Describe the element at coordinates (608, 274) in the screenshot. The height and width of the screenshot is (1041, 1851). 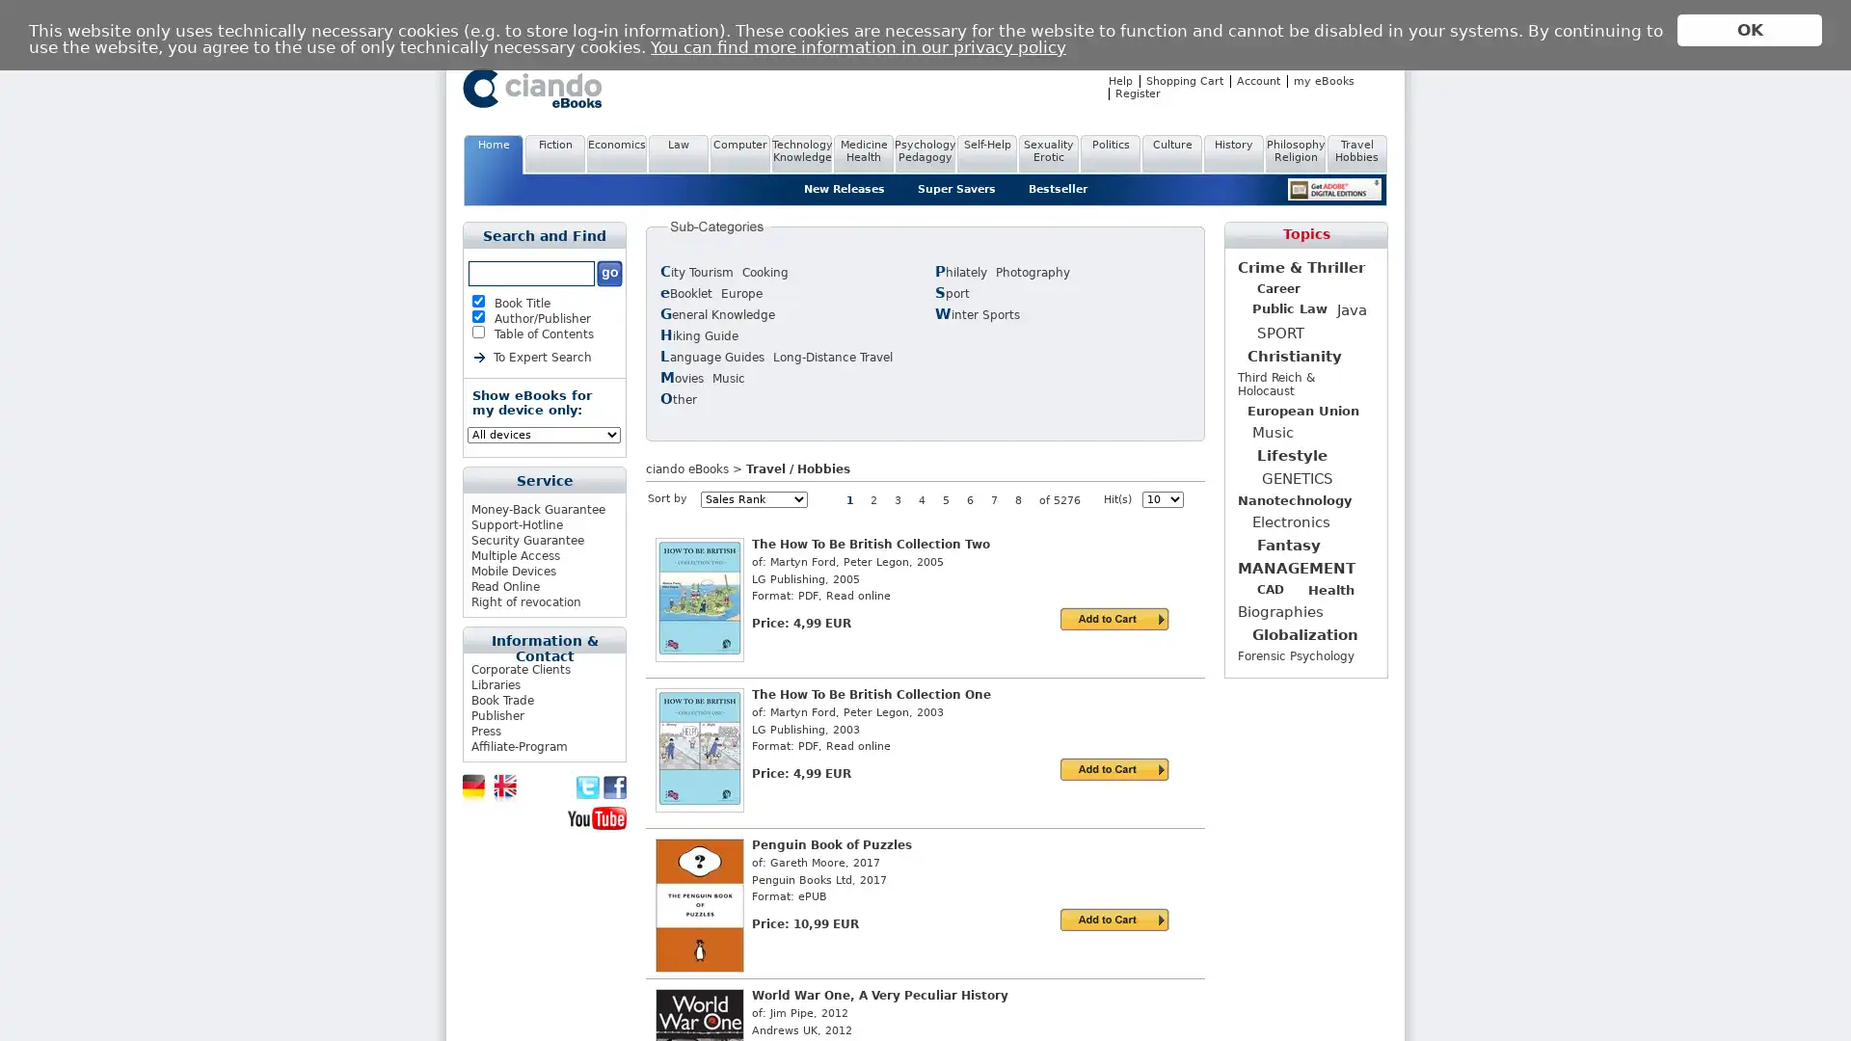
I see `Submit` at that location.